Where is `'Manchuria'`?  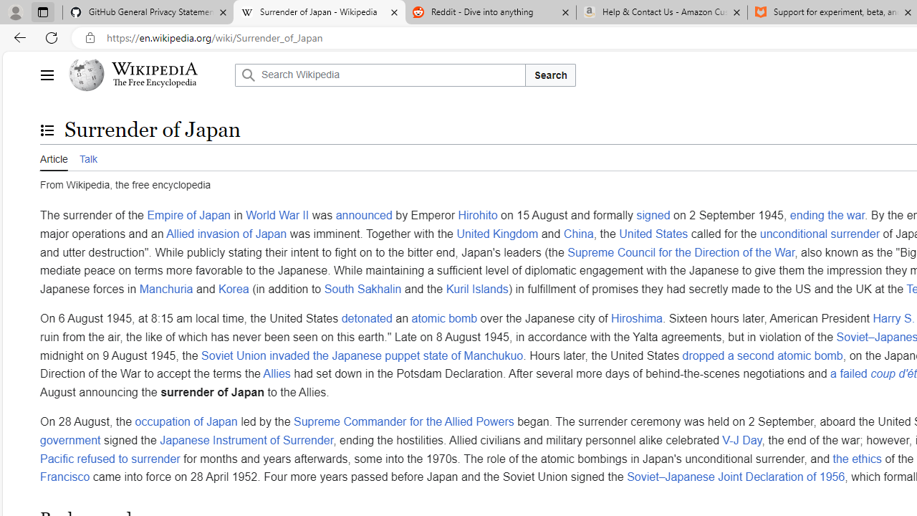
'Manchuria' is located at coordinates (166, 288).